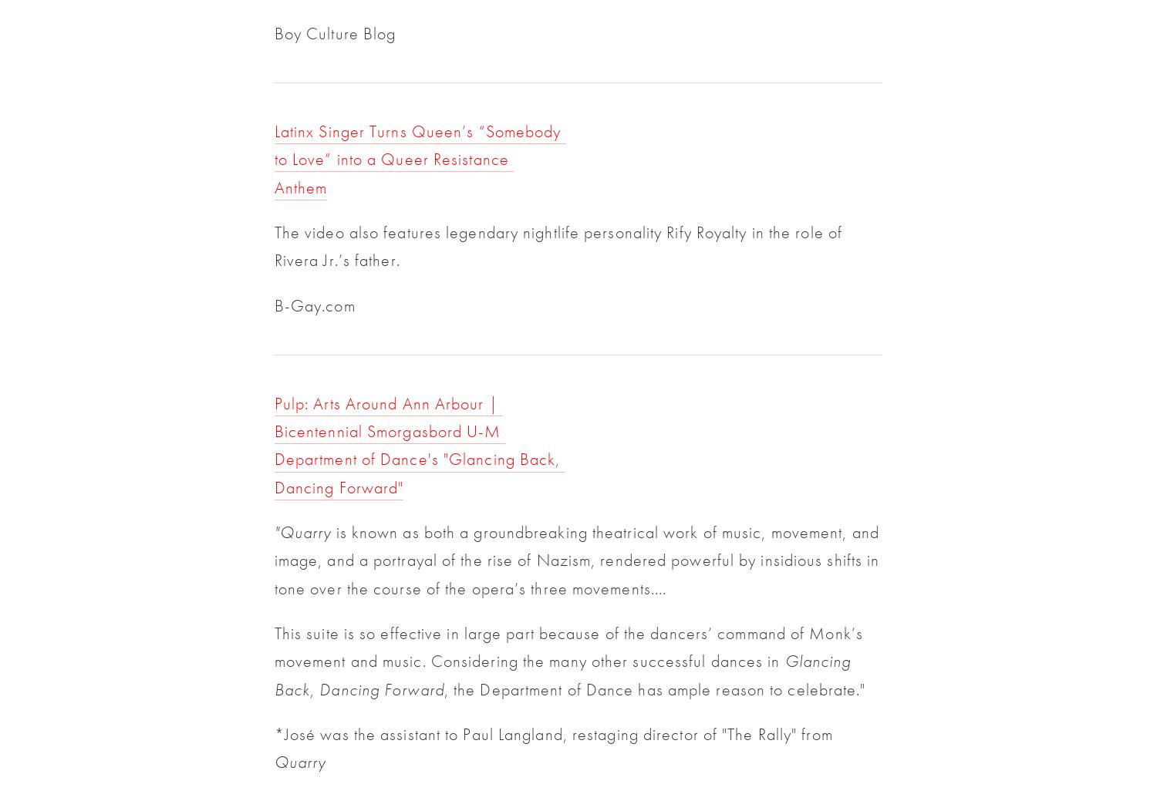  Describe the element at coordinates (314, 304) in the screenshot. I see `'B-Gay.com'` at that location.